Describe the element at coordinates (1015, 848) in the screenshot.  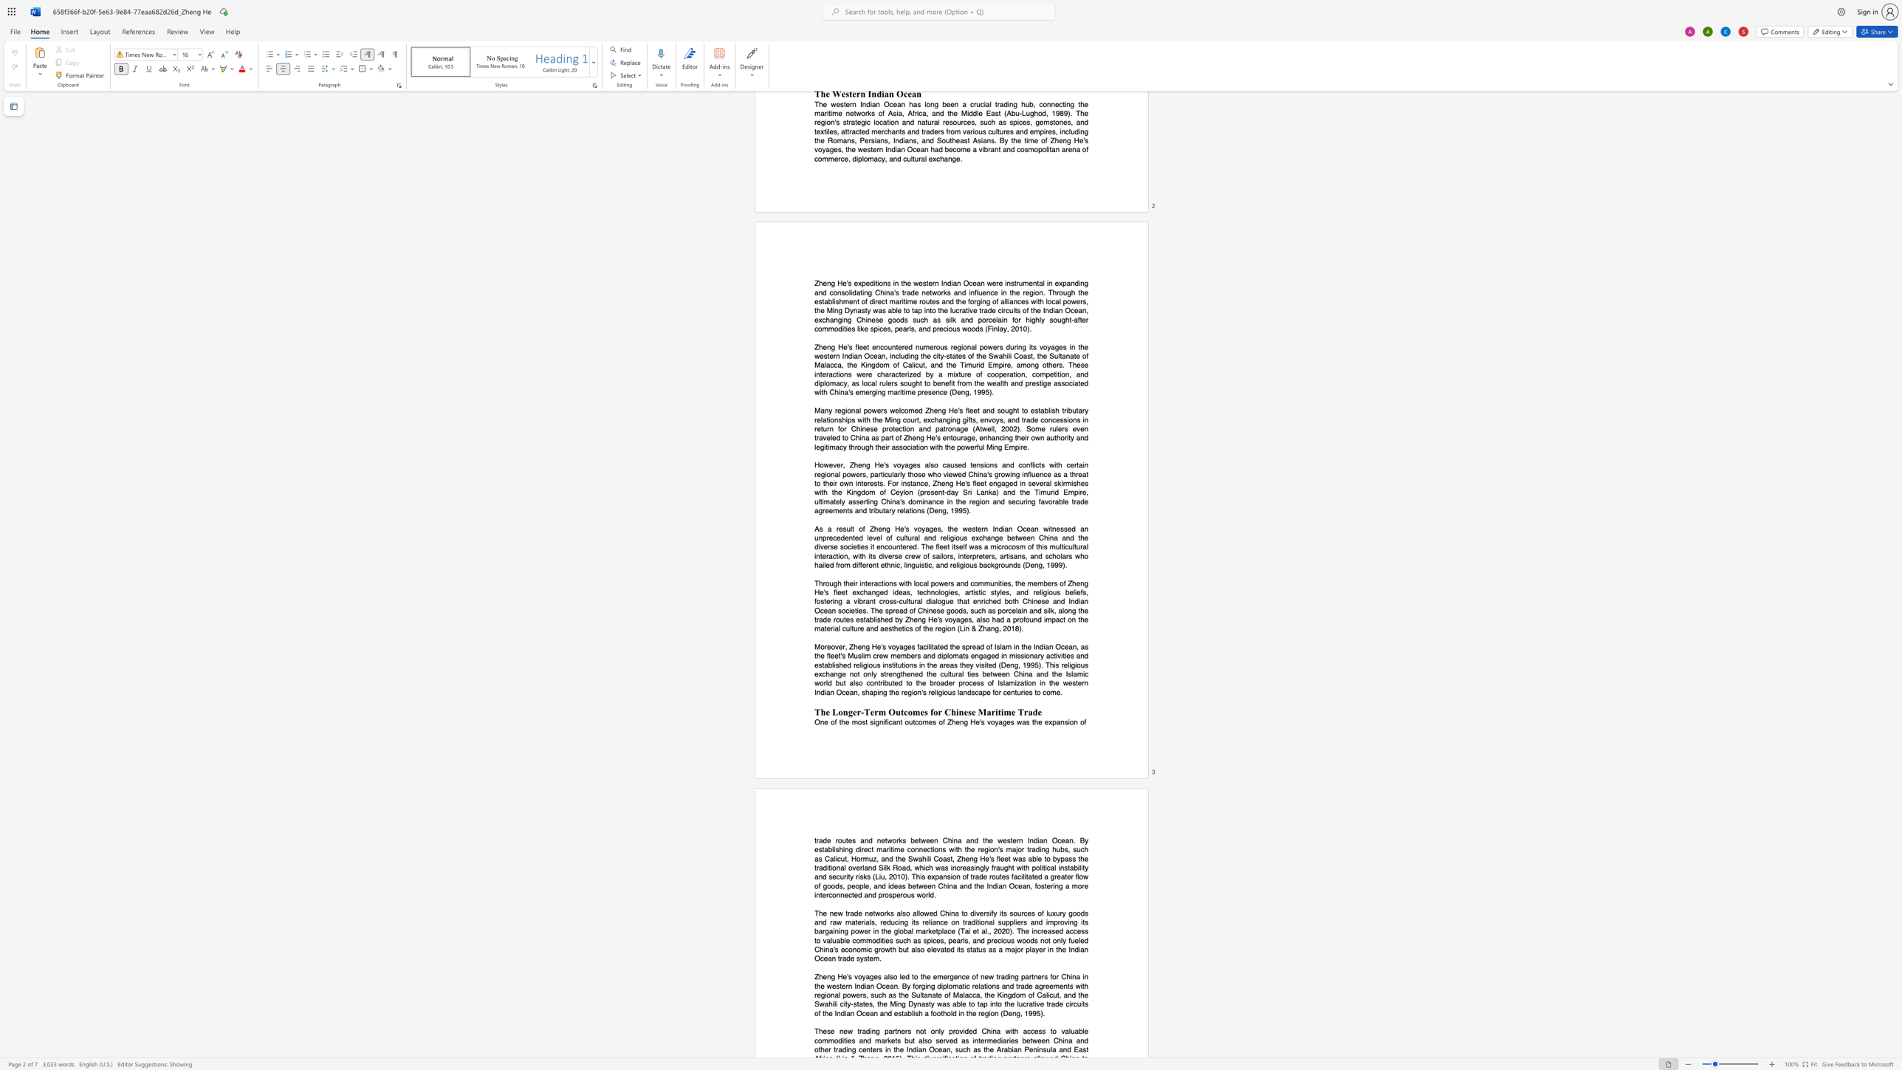
I see `the subset text "jor tradin" within the text "direct maritime connections with the region"` at that location.